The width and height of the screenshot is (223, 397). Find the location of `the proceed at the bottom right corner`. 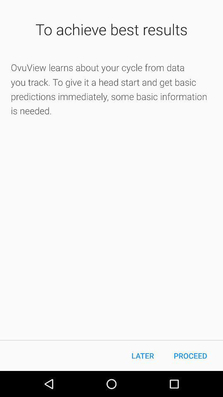

the proceed at the bottom right corner is located at coordinates (190, 355).